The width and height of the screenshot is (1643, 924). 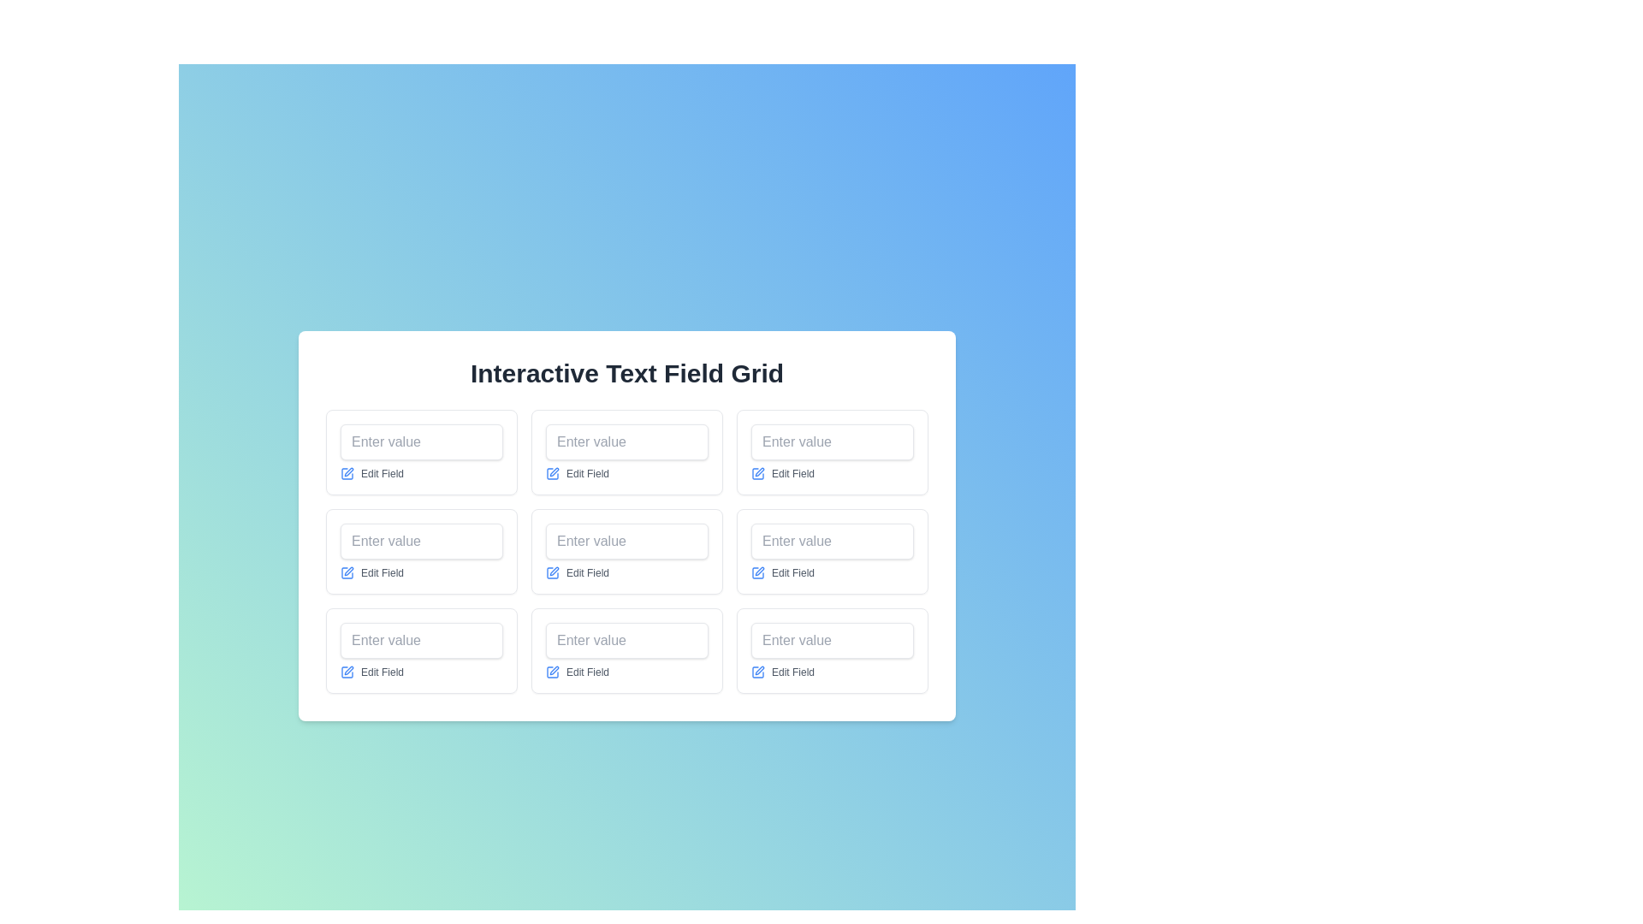 I want to click on the light blue pen icon positioned to the left of the label 'Edit Field' in the third row of the grid layout, so click(x=347, y=573).